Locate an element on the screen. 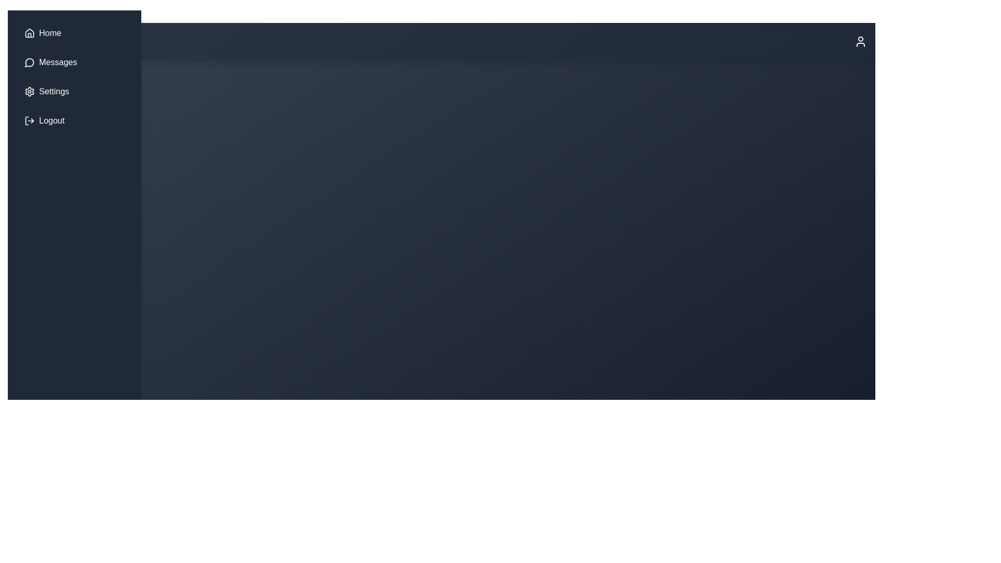  the menu button to toggle the menu visibility is located at coordinates (39, 41).